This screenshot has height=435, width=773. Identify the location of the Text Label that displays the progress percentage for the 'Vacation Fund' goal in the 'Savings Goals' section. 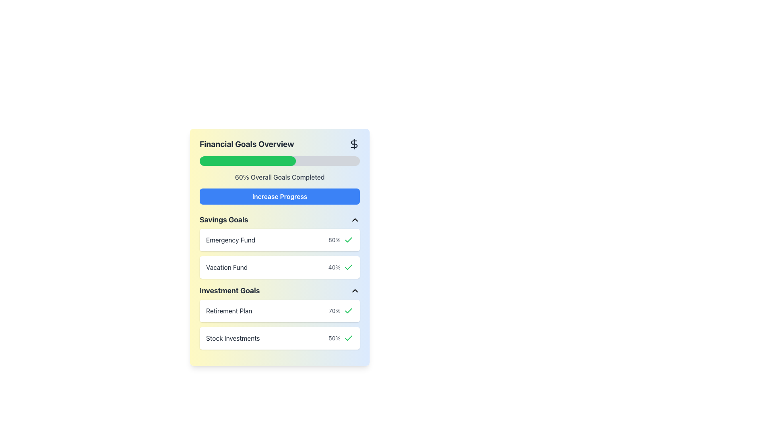
(334, 267).